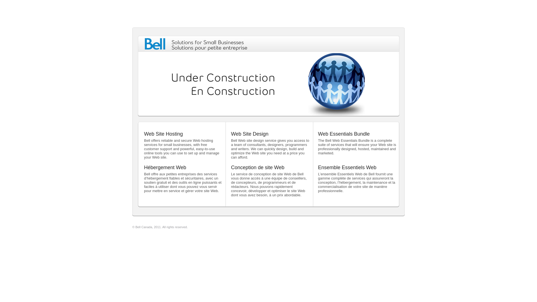 This screenshot has width=537, height=302. What do you see at coordinates (155, 44) in the screenshot?
I see `'Bell'` at bounding box center [155, 44].